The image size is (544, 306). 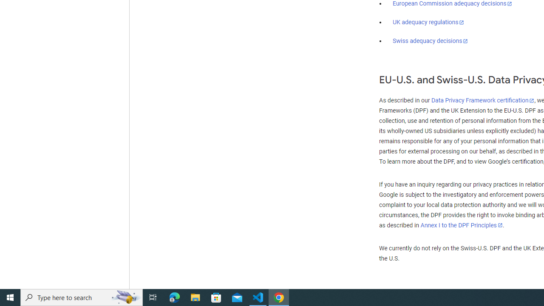 What do you see at coordinates (428, 22) in the screenshot?
I see `'UK adequacy regulations'` at bounding box center [428, 22].